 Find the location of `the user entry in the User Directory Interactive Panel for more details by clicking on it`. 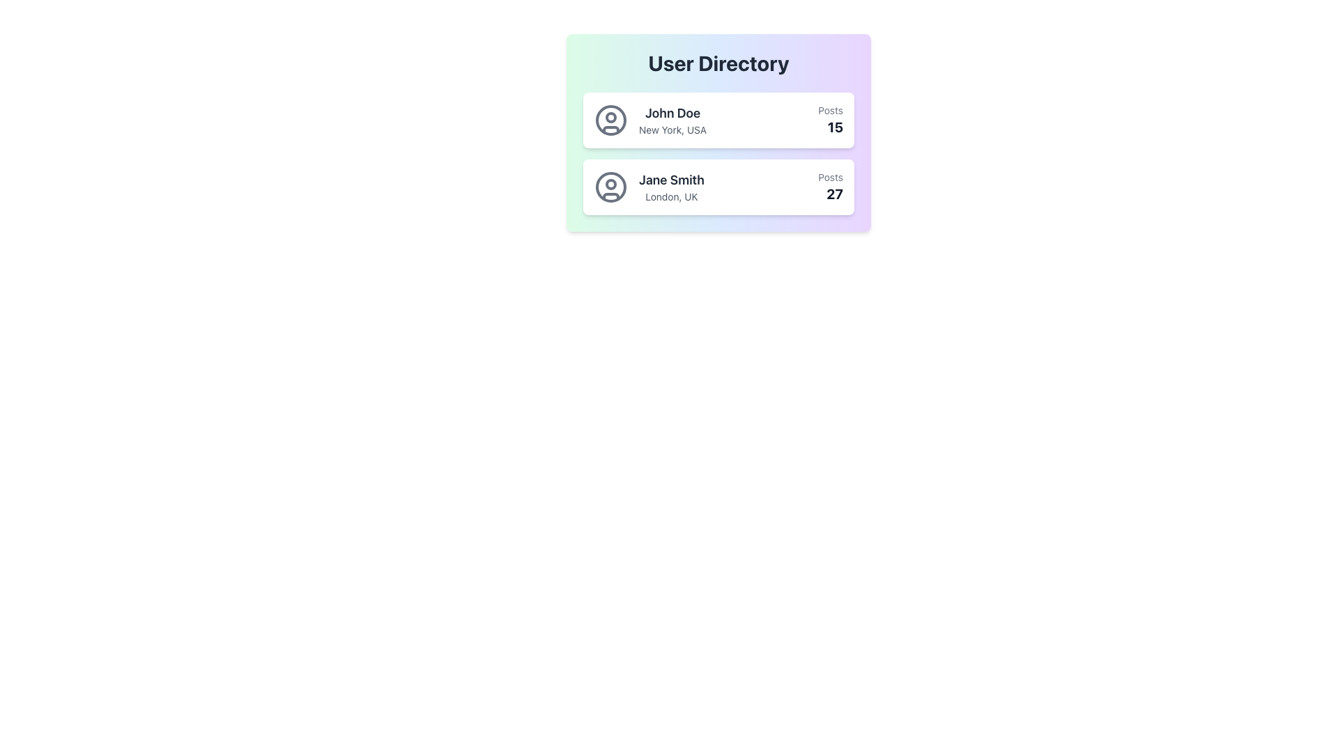

the user entry in the User Directory Interactive Panel for more details by clicking on it is located at coordinates (718, 133).